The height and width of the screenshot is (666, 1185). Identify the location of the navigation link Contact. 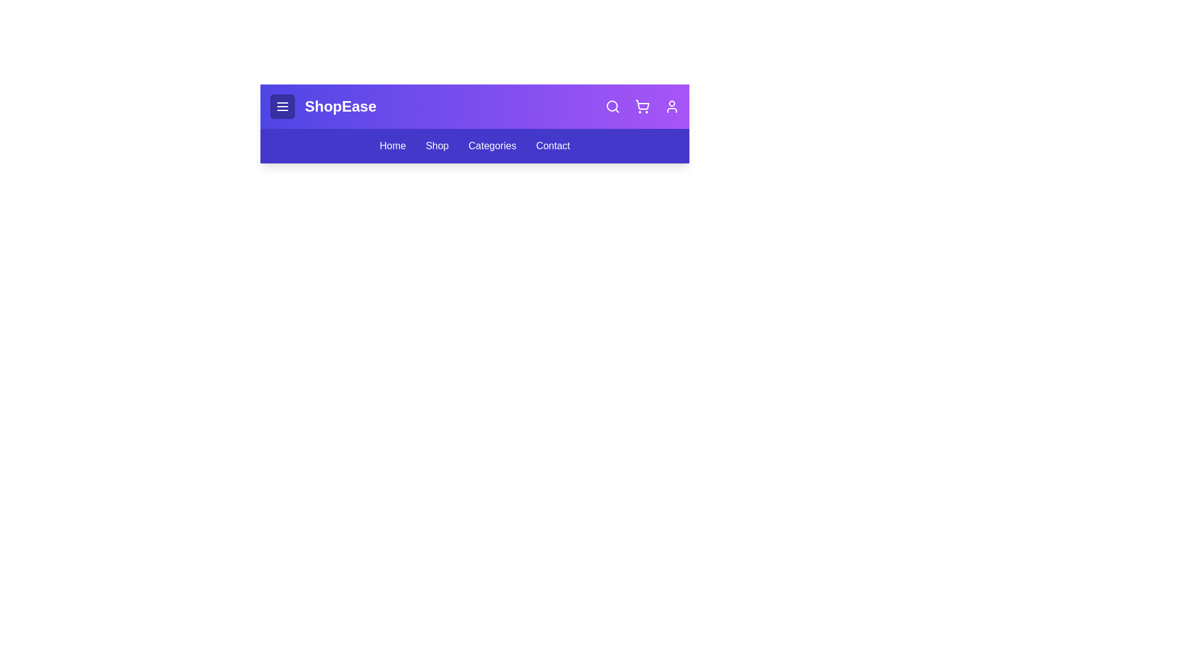
(552, 145).